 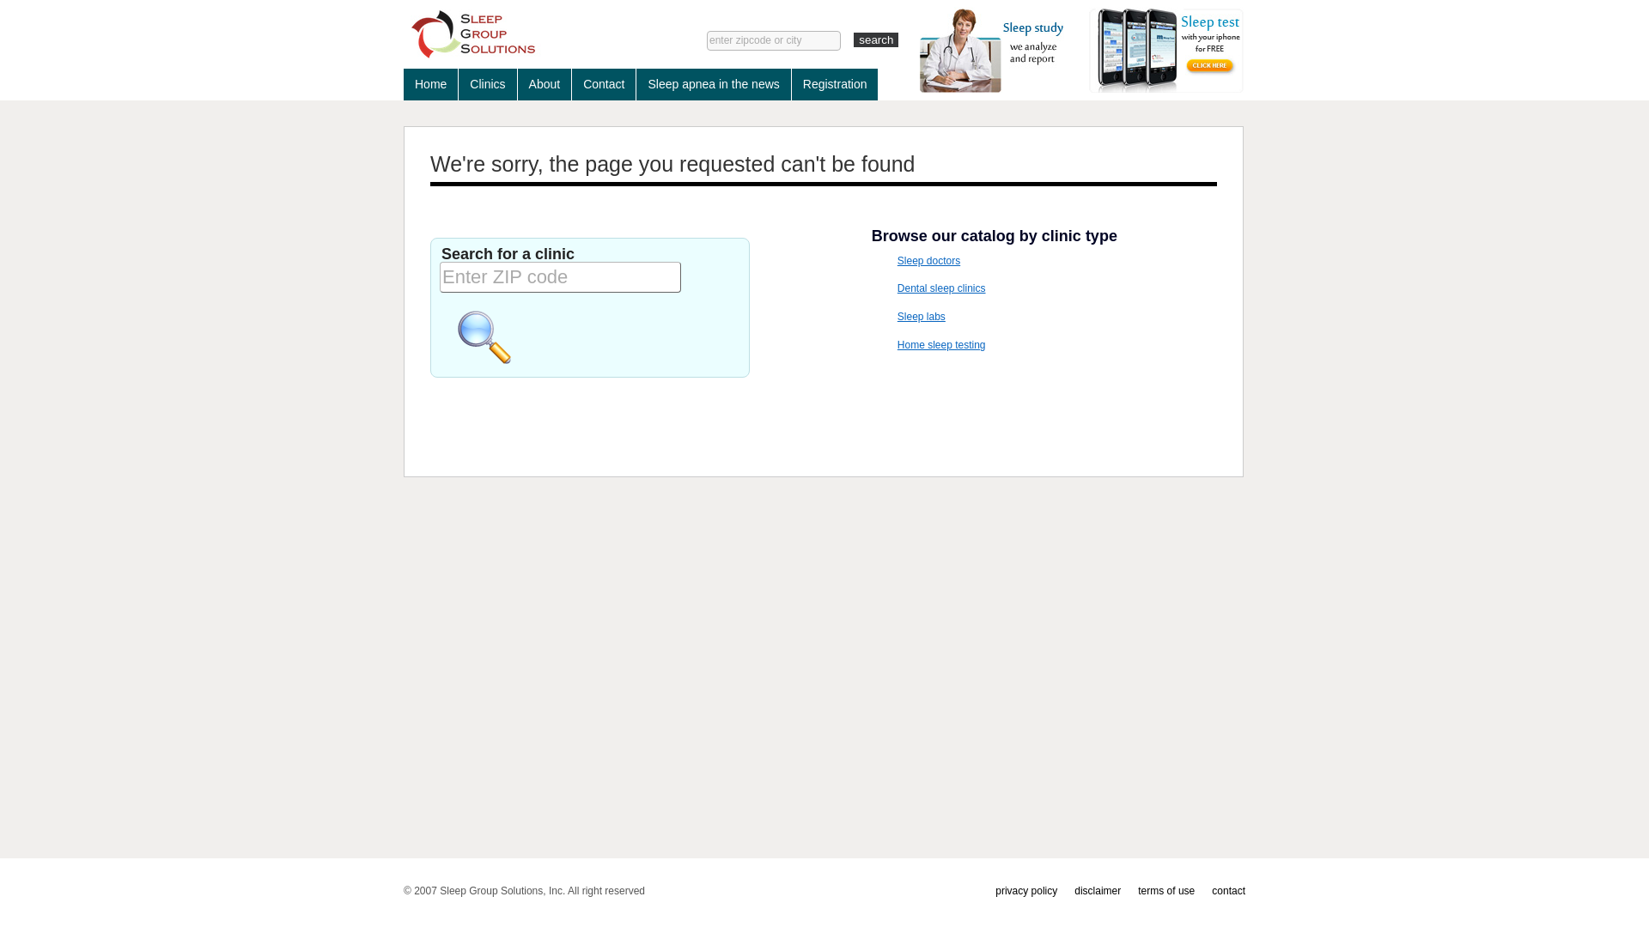 I want to click on 'terms of use', so click(x=1166, y=889).